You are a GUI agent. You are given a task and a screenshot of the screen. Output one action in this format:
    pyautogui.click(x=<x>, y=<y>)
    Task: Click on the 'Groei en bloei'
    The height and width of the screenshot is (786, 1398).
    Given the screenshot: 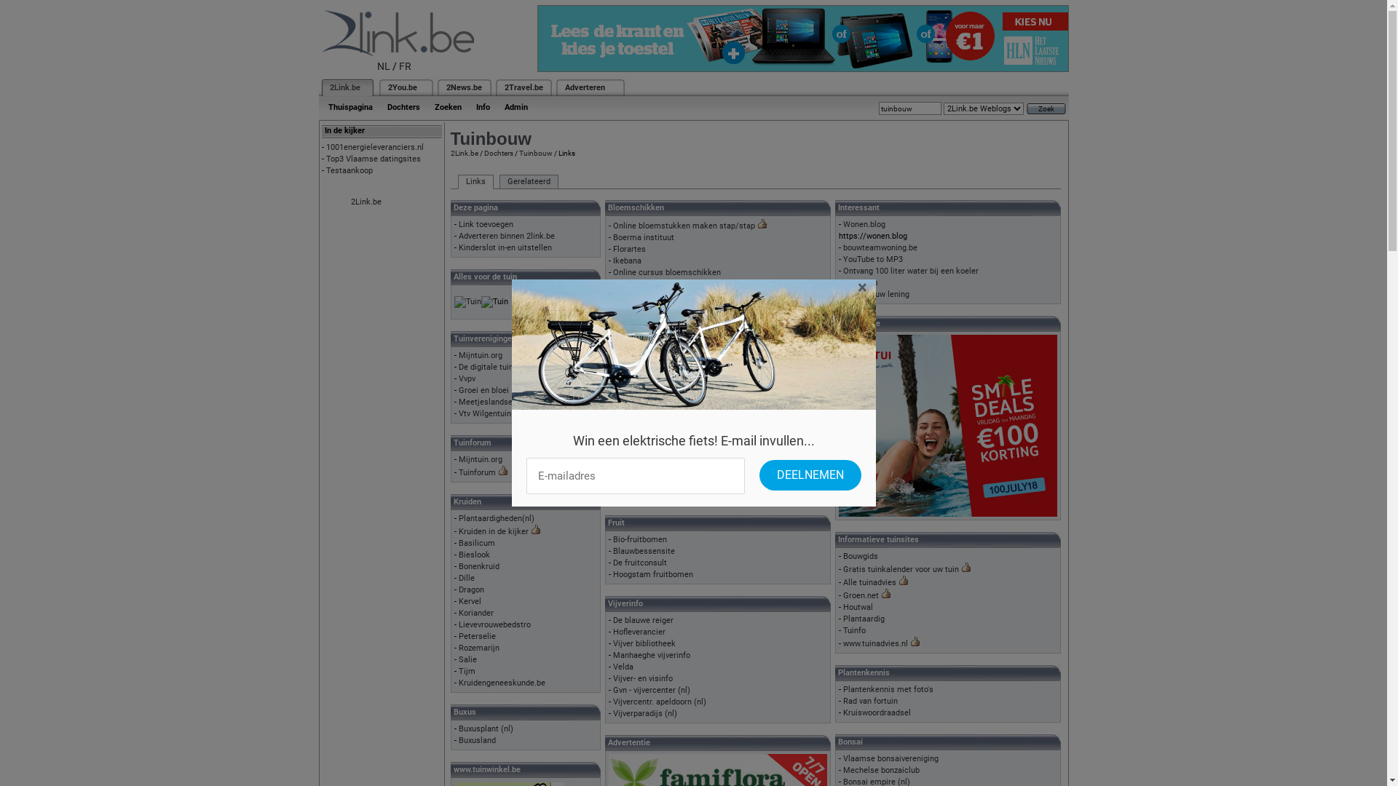 What is the action you would take?
    pyautogui.click(x=483, y=389)
    